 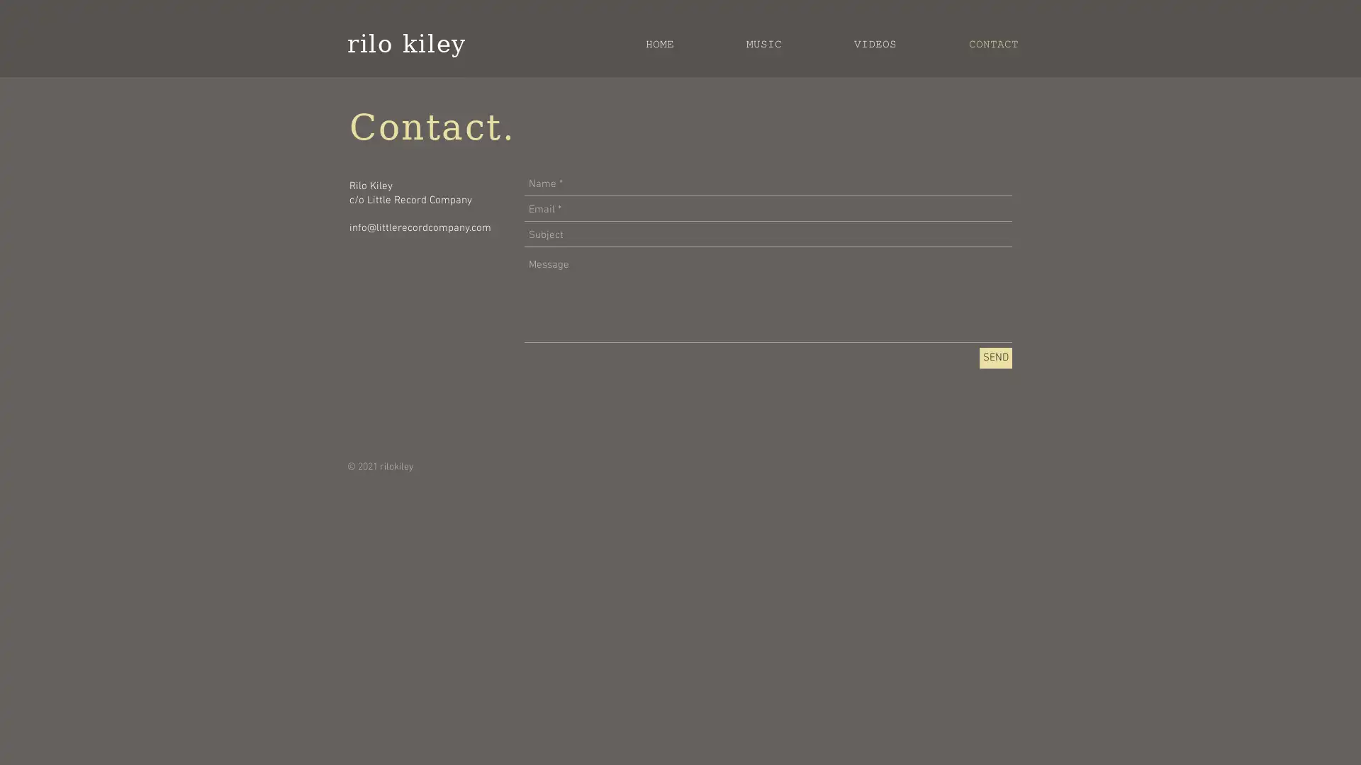 I want to click on SEND, so click(x=995, y=357).